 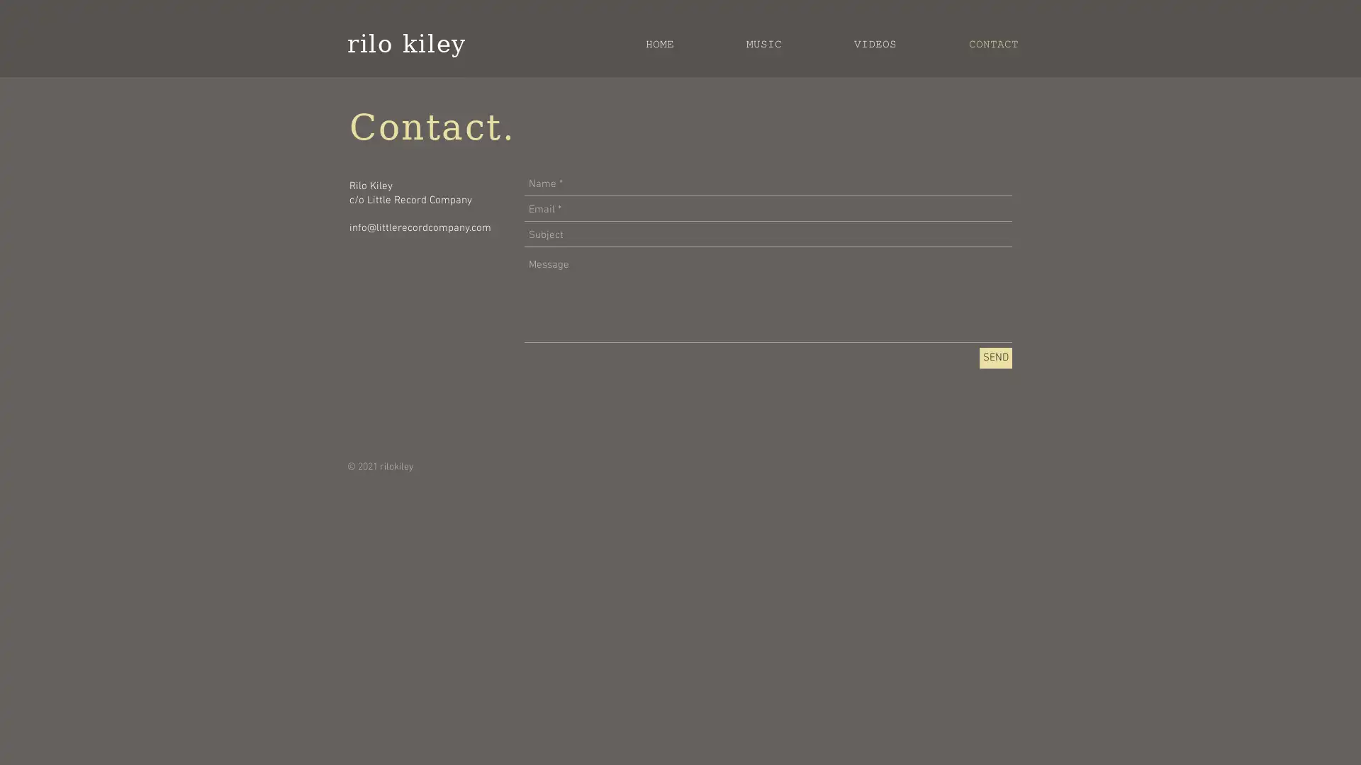 I want to click on SEND, so click(x=995, y=357).